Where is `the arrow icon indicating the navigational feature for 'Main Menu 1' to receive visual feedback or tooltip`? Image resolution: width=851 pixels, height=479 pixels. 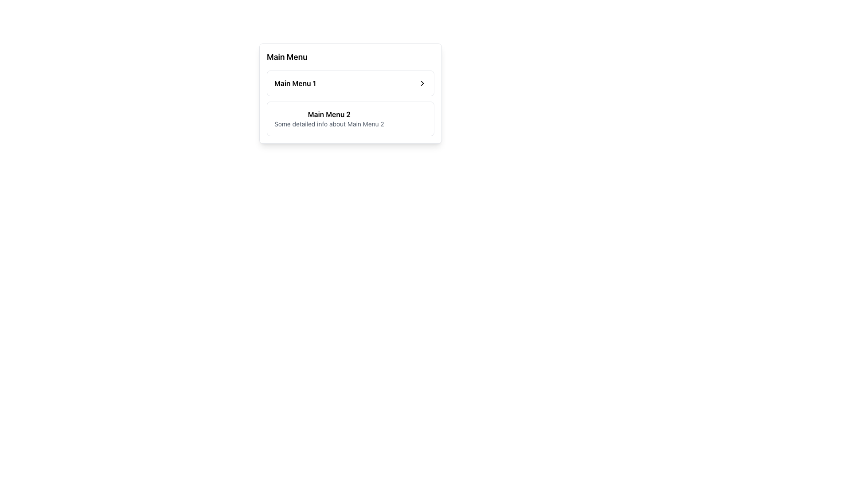
the arrow icon indicating the navigational feature for 'Main Menu 1' to receive visual feedback or tooltip is located at coordinates (422, 83).